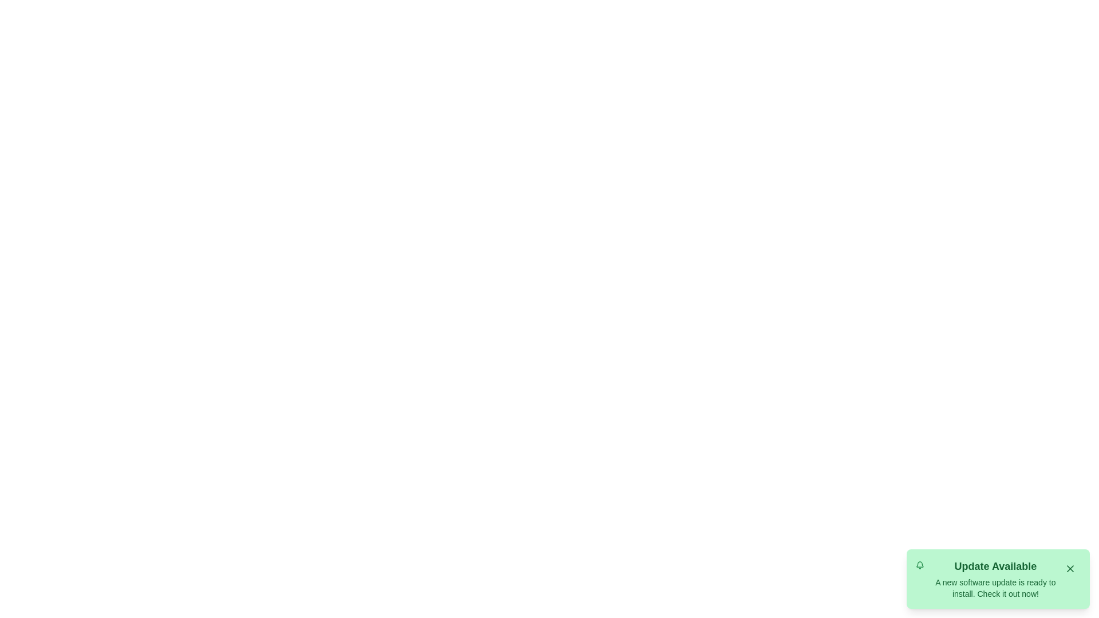 The height and width of the screenshot is (618, 1099). Describe the element at coordinates (995, 588) in the screenshot. I see `text content area displaying the message 'A new software update is ready to install. Check it out now!', which is styled with a light green background and located below the 'Update Available' heading in the notification box` at that location.